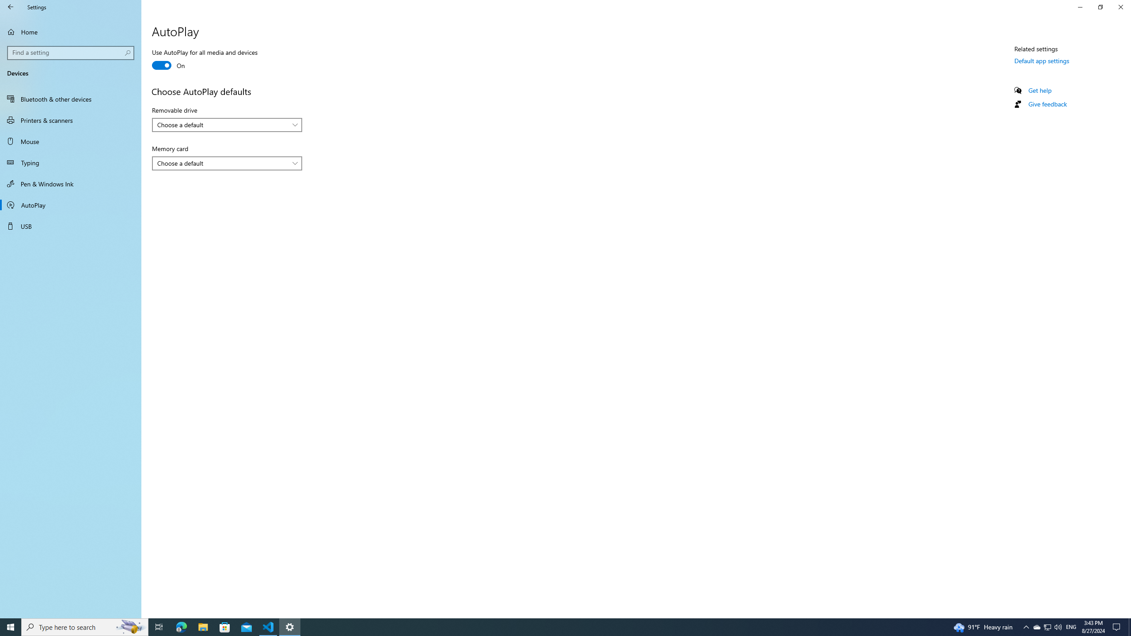 This screenshot has height=636, width=1131. I want to click on 'Removable drive', so click(227, 125).